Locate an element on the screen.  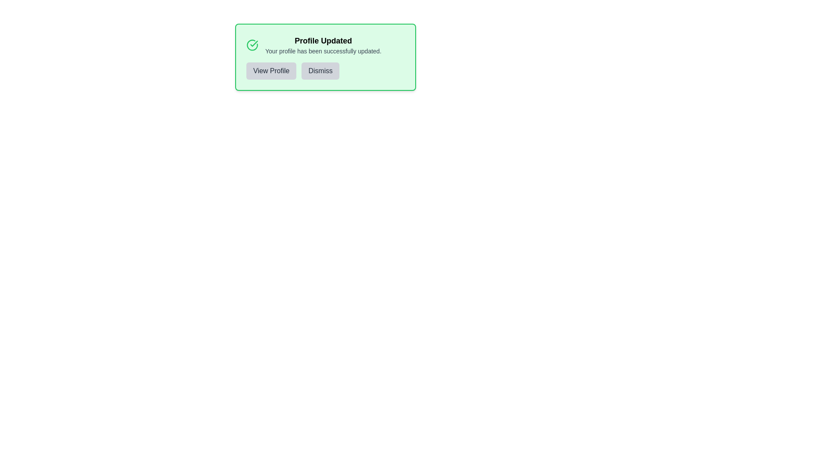
the 'Dismiss' button located in the Button Group at the bottom of the green-bordered card is located at coordinates (325, 71).